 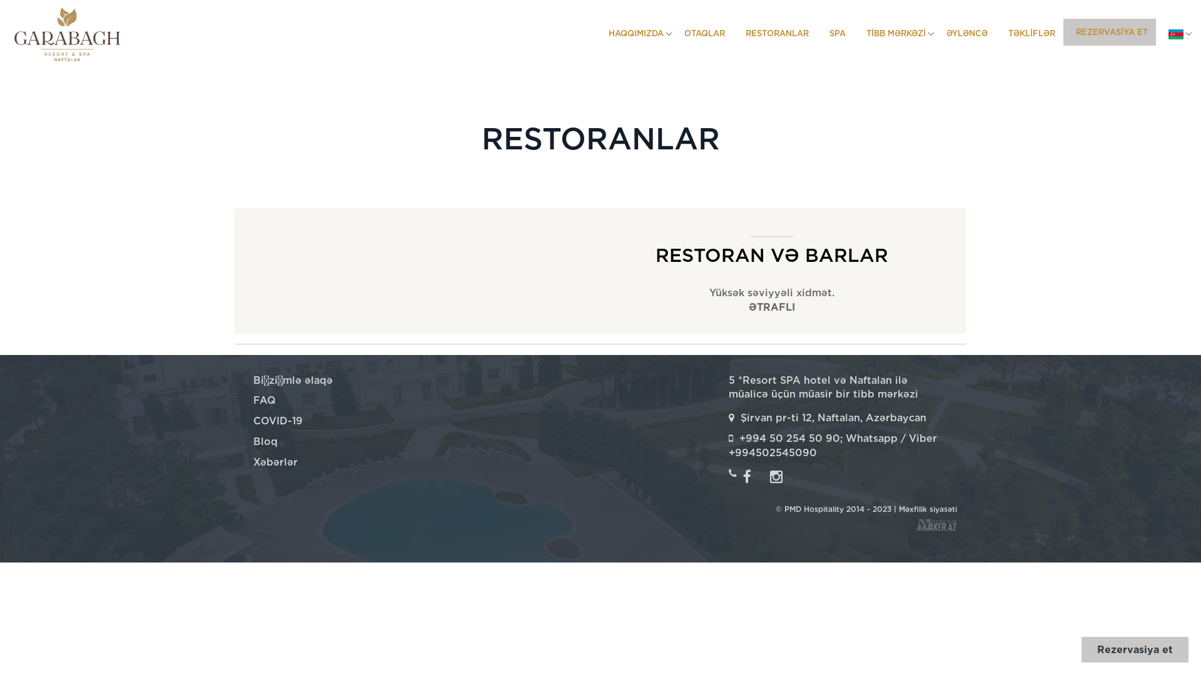 I want to click on 'Bloq', so click(x=265, y=441).